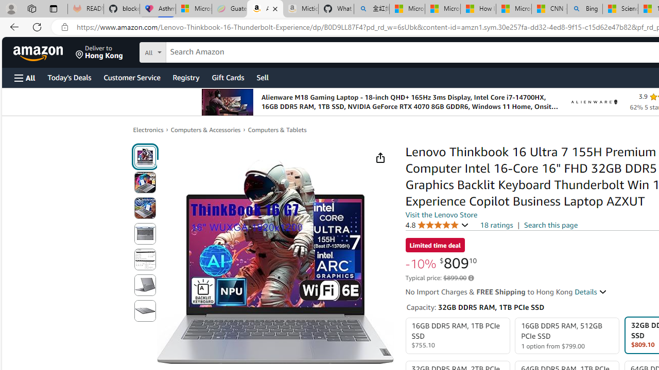 This screenshot has width=659, height=370. Describe the element at coordinates (148, 129) in the screenshot. I see `'Electronics'` at that location.